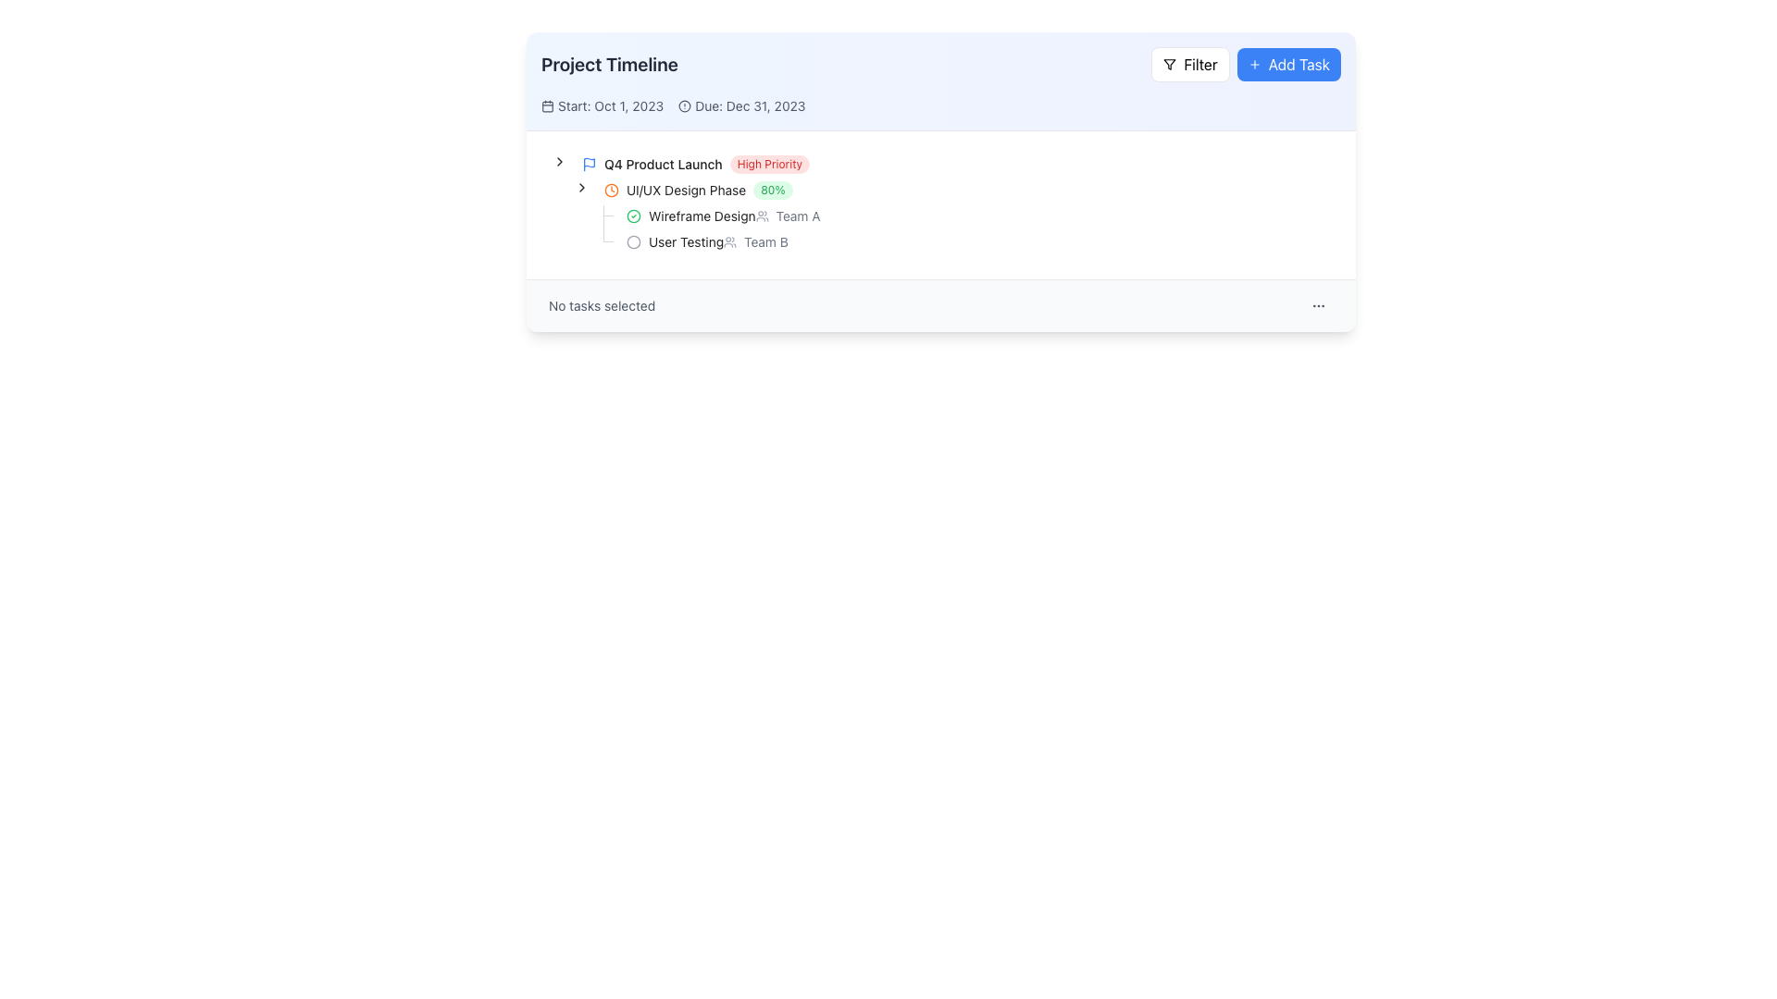  I want to click on the 'User Testing Team B' item in the hierarchical tree structure, so click(714, 241).